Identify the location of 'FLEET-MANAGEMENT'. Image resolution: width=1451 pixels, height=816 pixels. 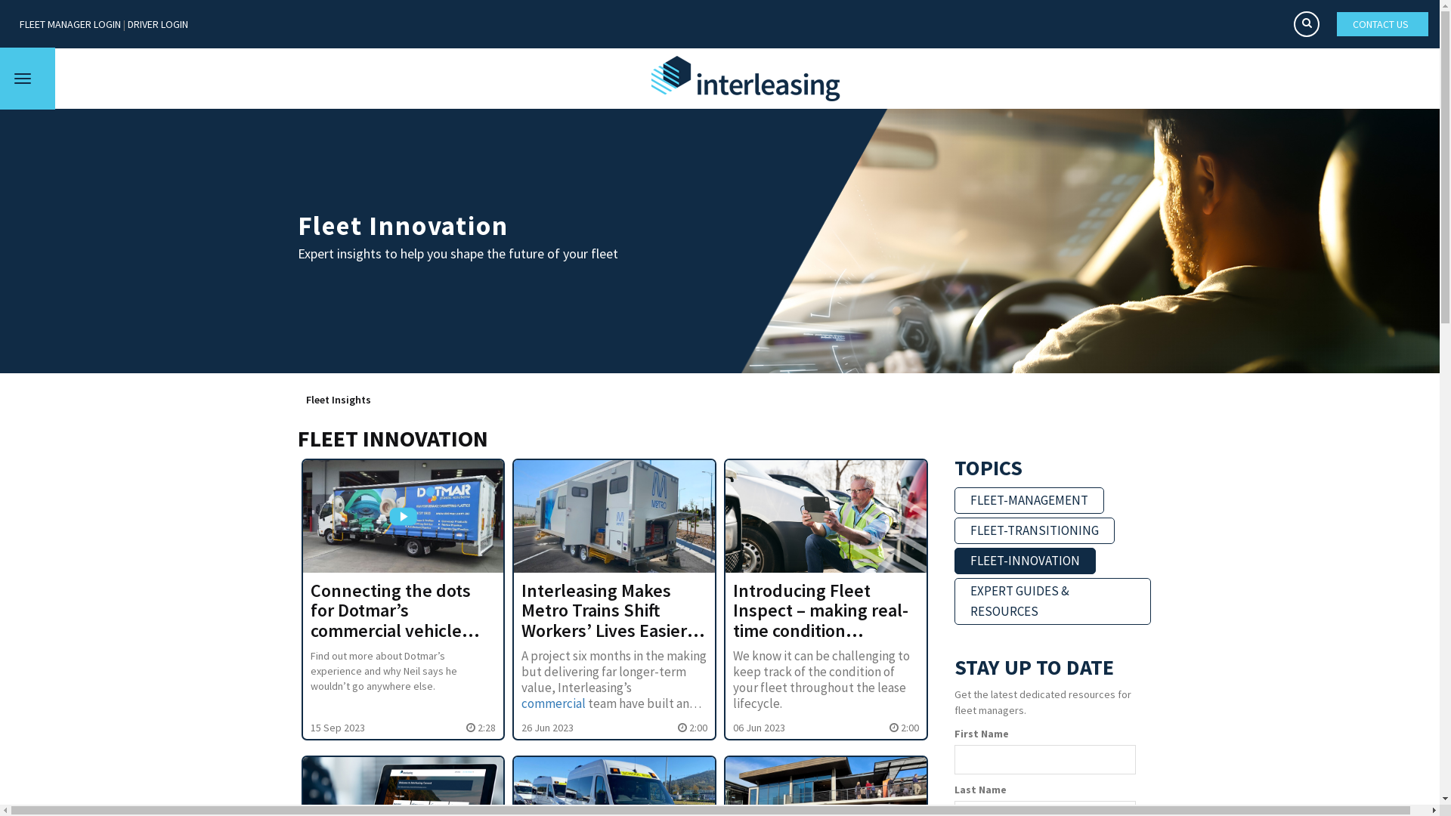
(1029, 500).